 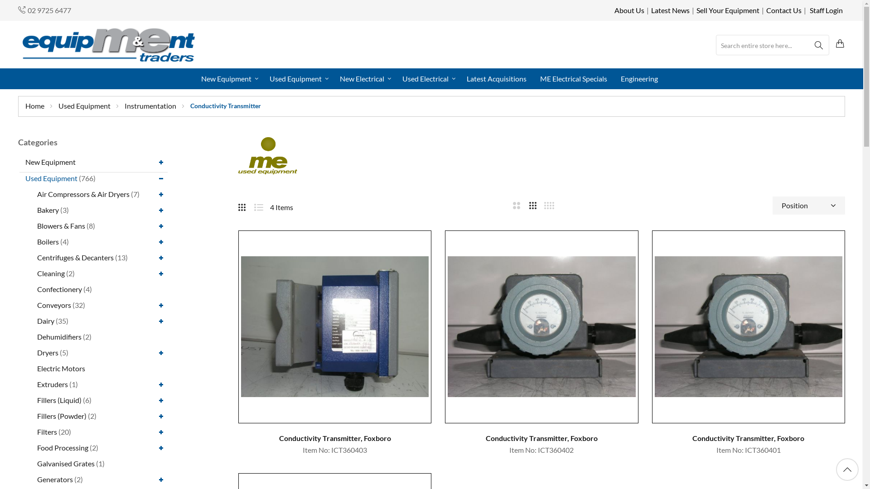 I want to click on 'Blowers & Fans', so click(x=60, y=225).